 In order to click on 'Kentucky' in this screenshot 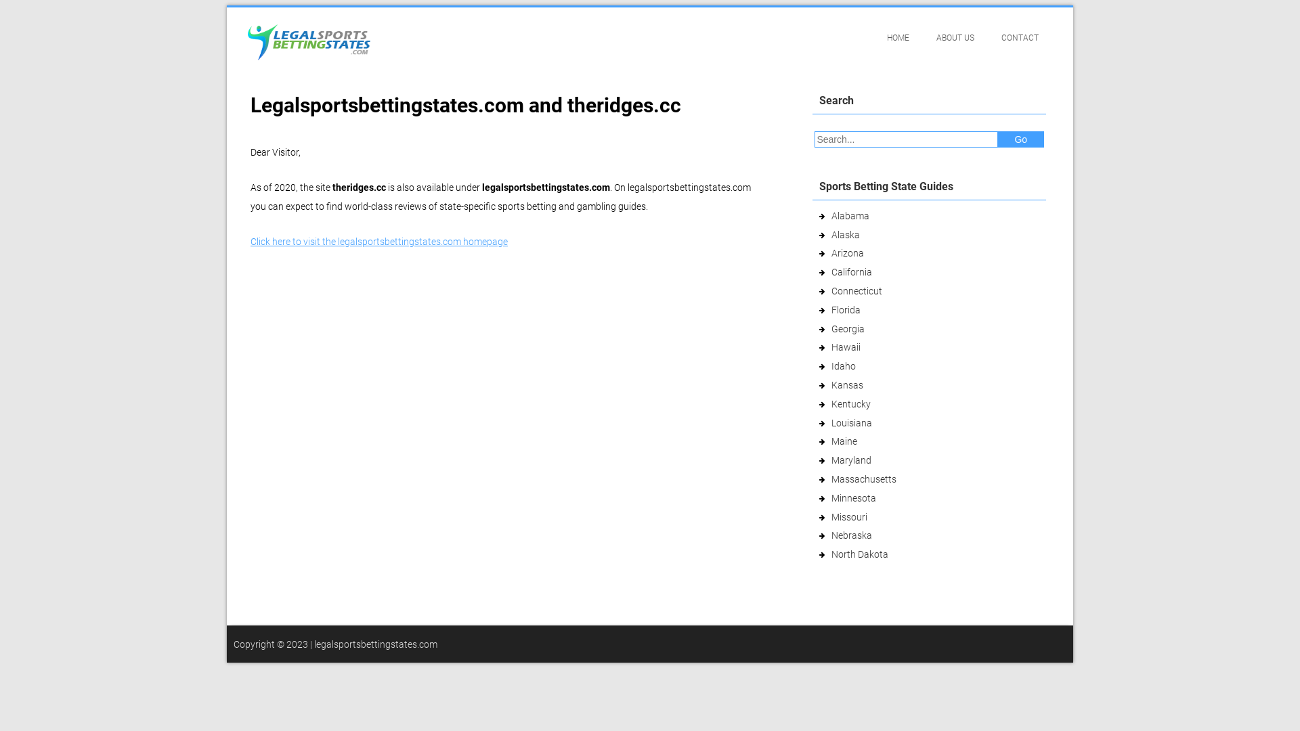, I will do `click(831, 403)`.